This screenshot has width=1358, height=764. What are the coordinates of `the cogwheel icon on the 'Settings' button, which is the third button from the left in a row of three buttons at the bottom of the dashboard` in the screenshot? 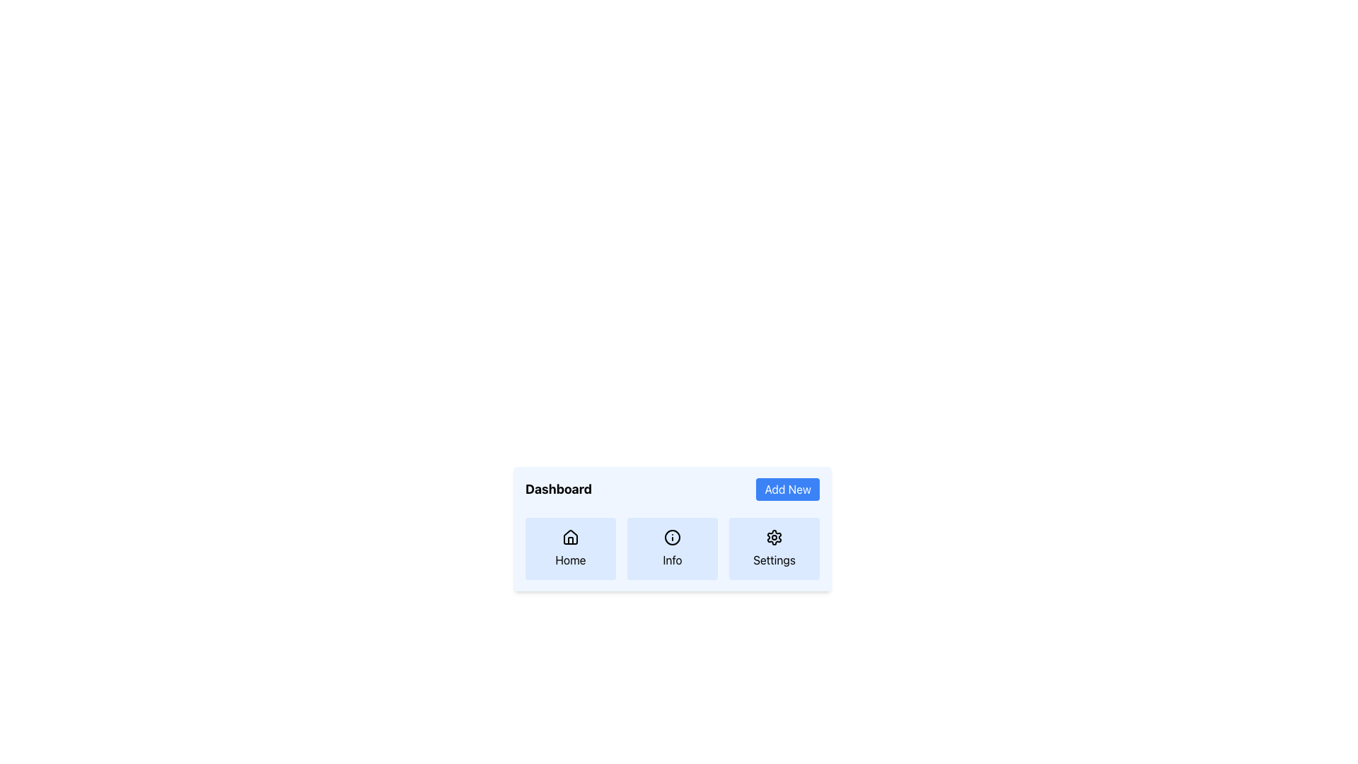 It's located at (773, 537).